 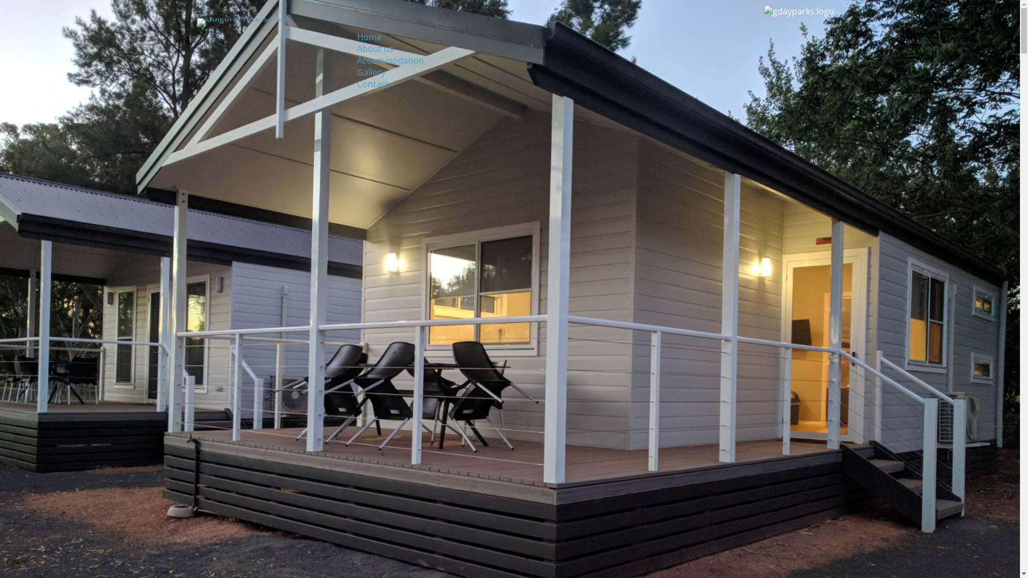 What do you see at coordinates (390, 60) in the screenshot?
I see `'Accommodation'` at bounding box center [390, 60].